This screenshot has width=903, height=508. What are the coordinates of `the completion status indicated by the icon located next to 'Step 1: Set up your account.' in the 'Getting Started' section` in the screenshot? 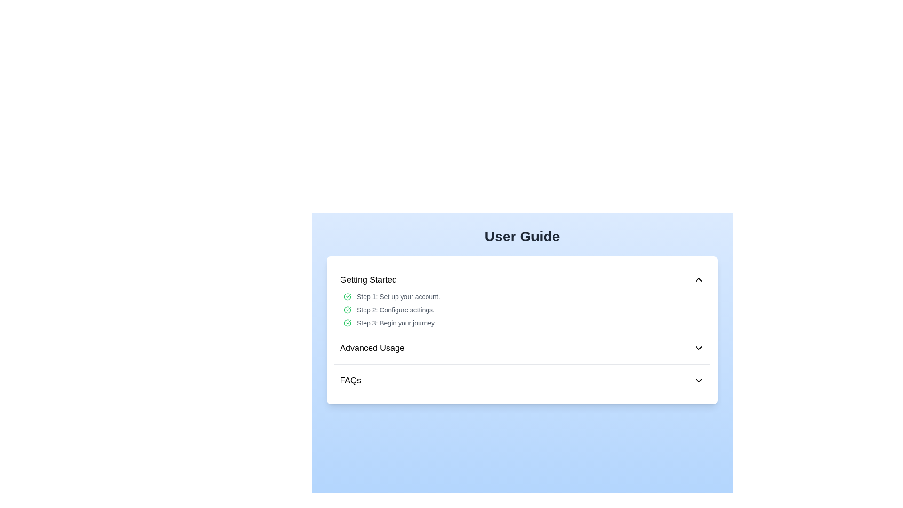 It's located at (347, 297).